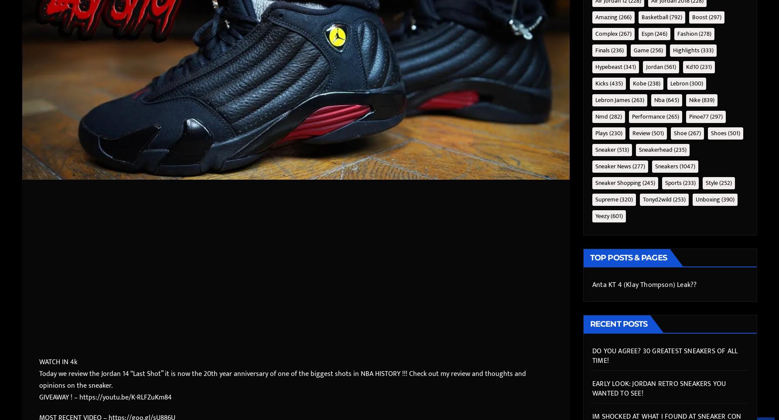  I want to click on 'sneakers', so click(666, 165).